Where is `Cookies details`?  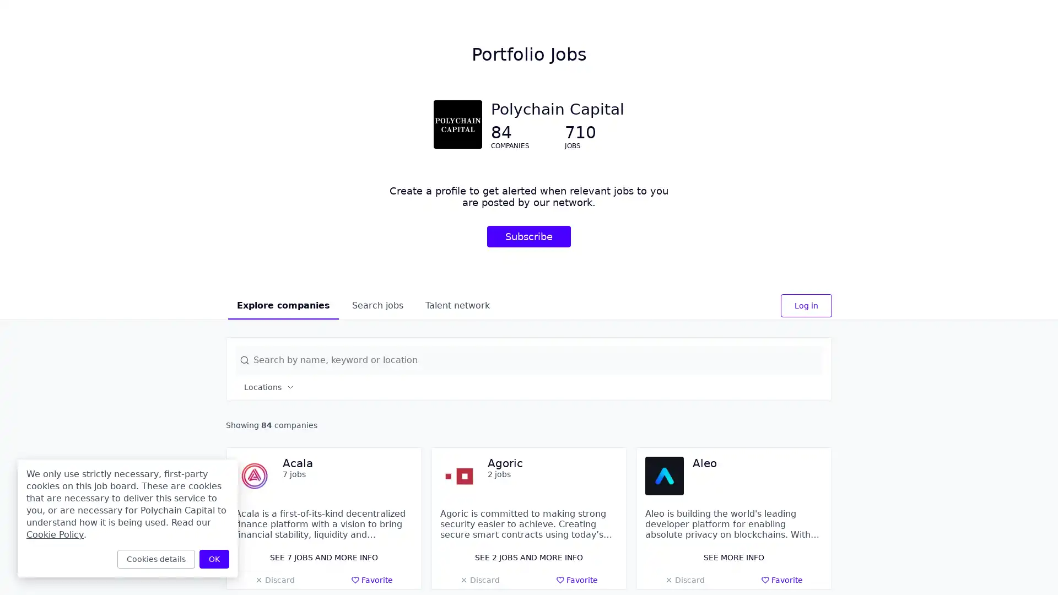
Cookies details is located at coordinates (155, 559).